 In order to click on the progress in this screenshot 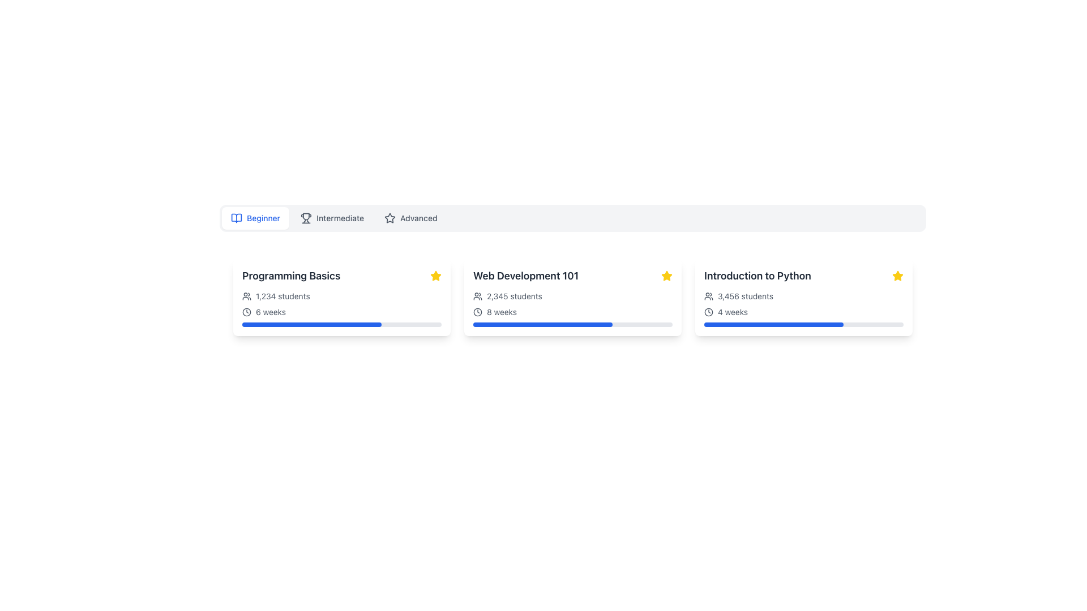, I will do `click(417, 325)`.